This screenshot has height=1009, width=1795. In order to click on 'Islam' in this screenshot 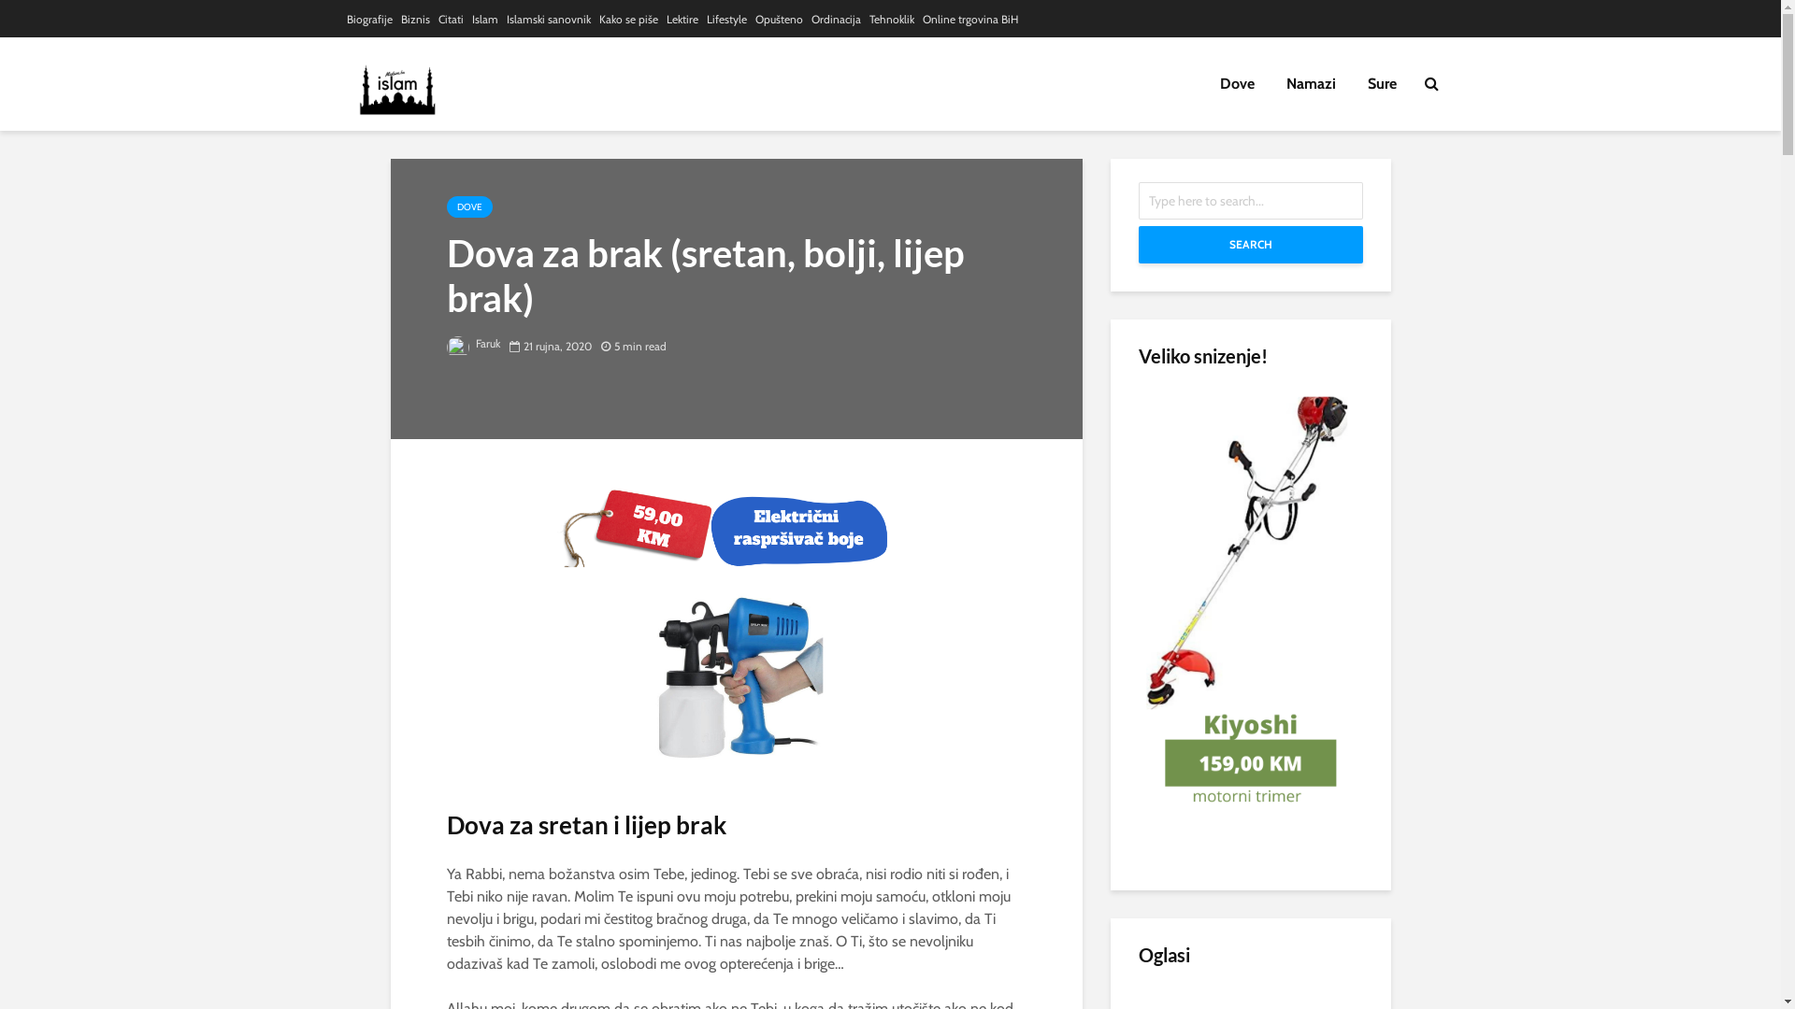, I will do `click(484, 19)`.